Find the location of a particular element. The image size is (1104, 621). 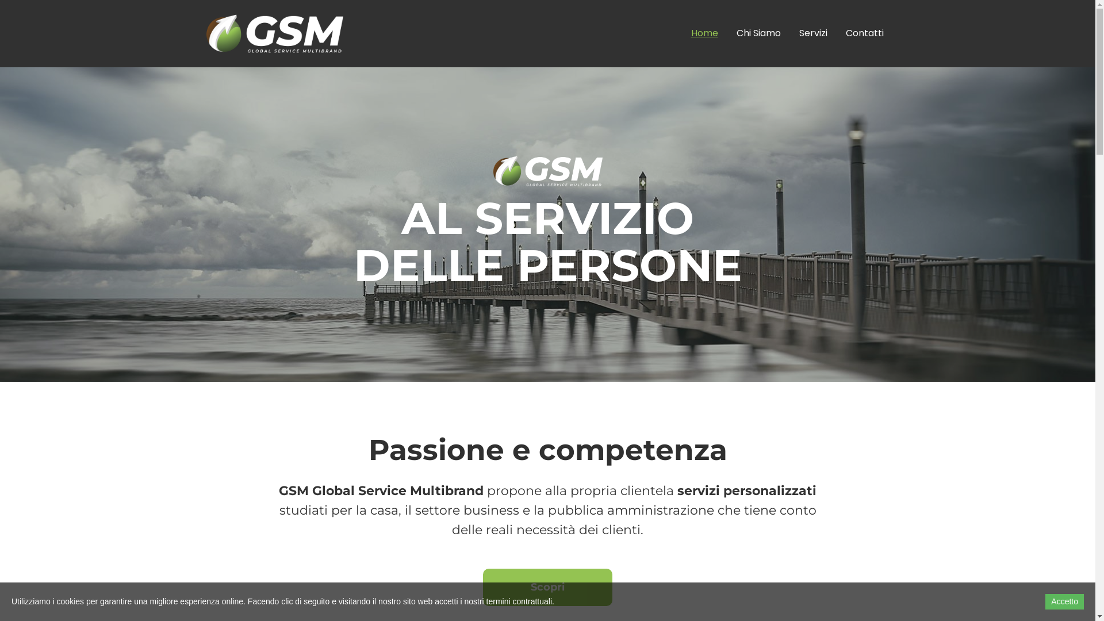

'Contatti' is located at coordinates (836, 32).